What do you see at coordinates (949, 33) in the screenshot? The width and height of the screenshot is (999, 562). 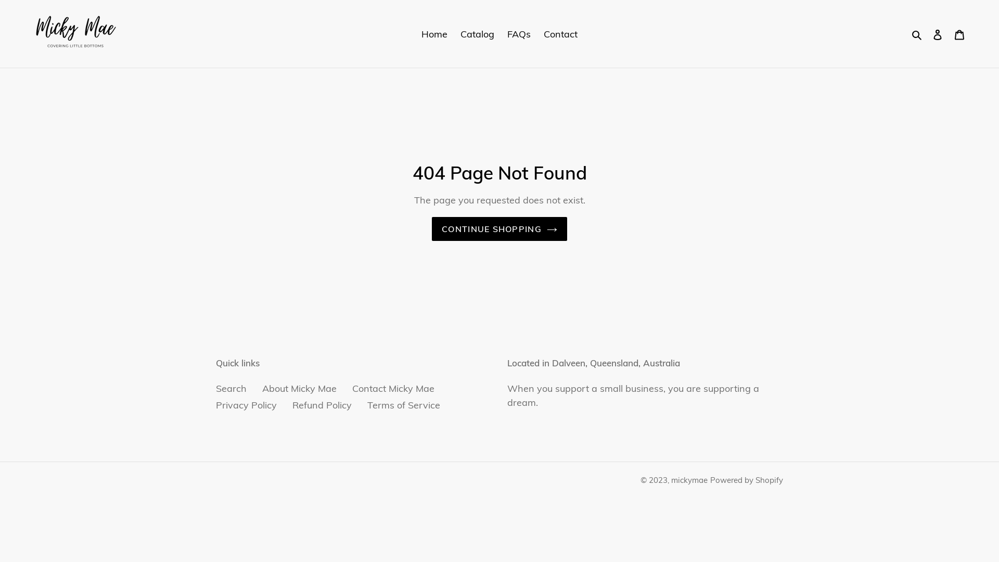 I see `'Cart'` at bounding box center [949, 33].